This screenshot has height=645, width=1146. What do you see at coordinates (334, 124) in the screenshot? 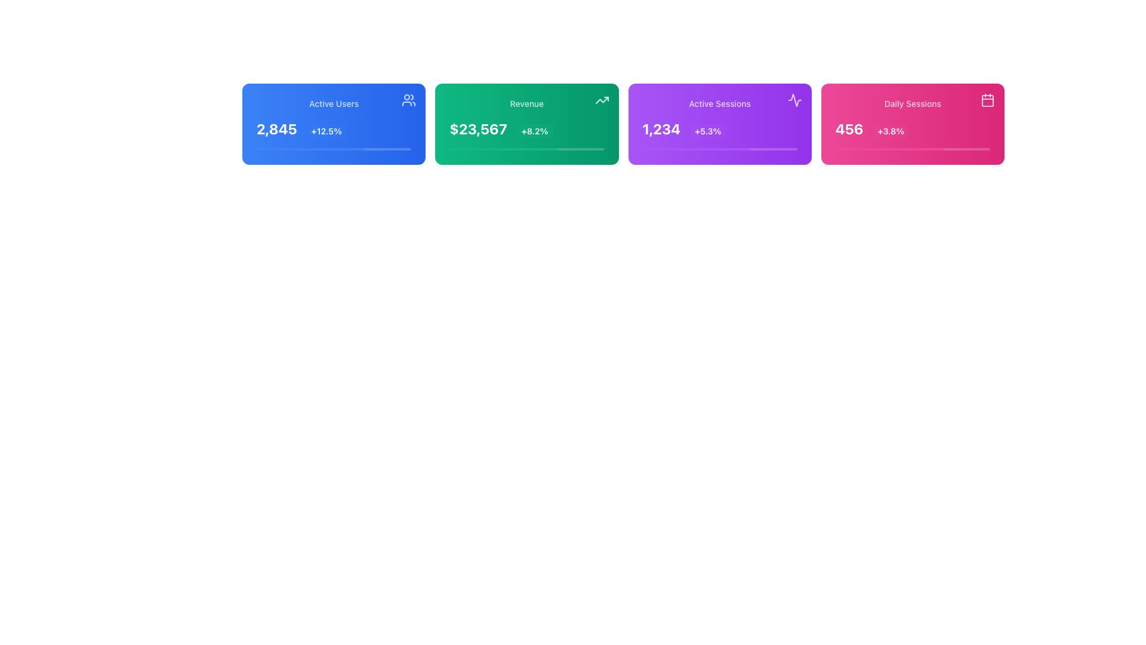
I see `the Summary Panel that provides a summary of the active users metric, located on the leftmost side next to the green panel labeled 'Revenue'` at bounding box center [334, 124].